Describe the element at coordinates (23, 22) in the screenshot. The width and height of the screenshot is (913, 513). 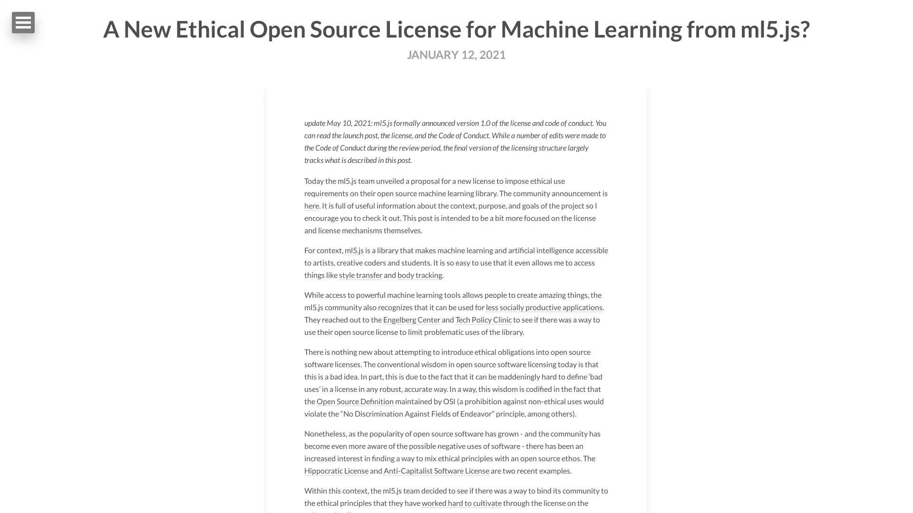
I see `Open Menu` at that location.